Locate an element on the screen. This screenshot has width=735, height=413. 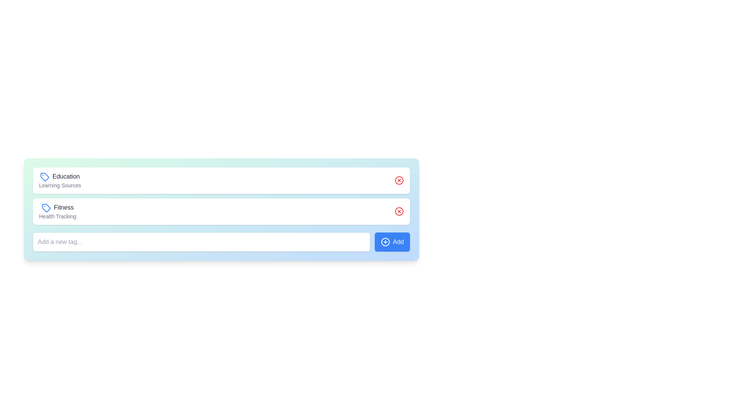
the blue tag-shaped icon with a small dot inside, located to the left of the text 'Fitness' is located at coordinates (46, 208).